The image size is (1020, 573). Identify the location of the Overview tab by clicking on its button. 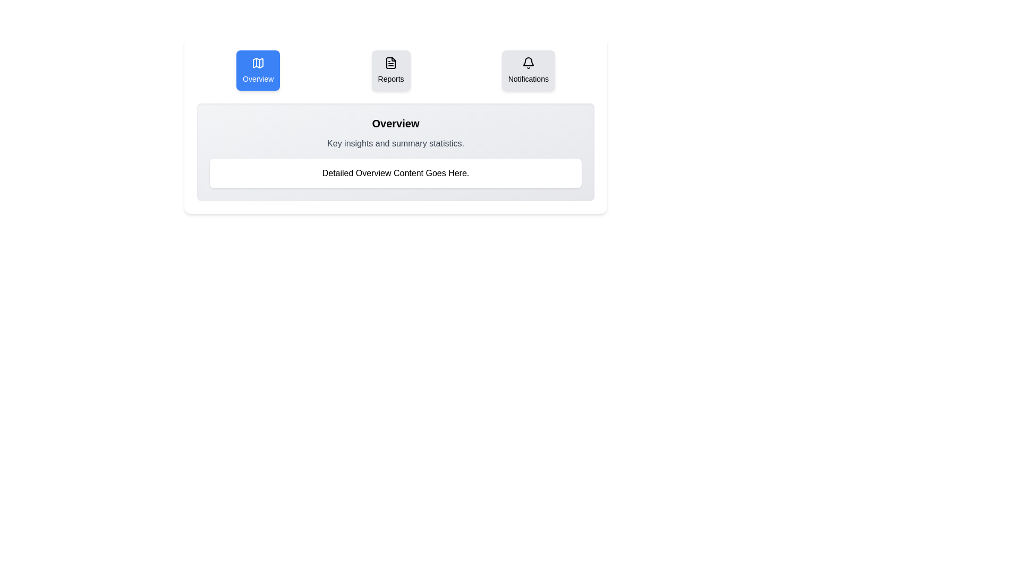
(258, 70).